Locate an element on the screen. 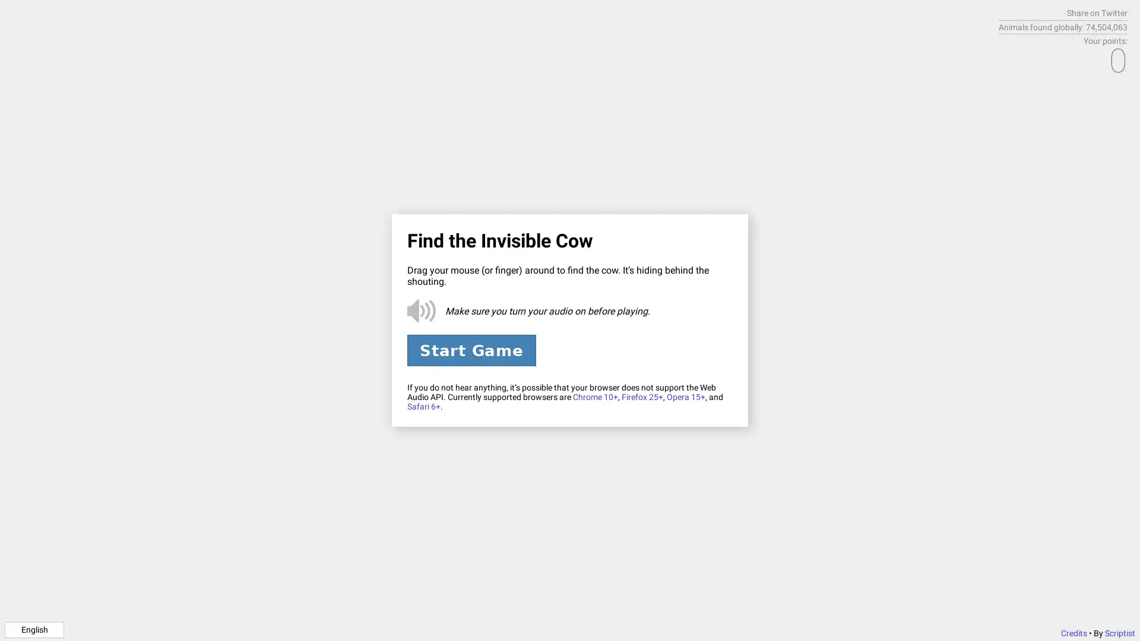  English is located at coordinates (34, 629).